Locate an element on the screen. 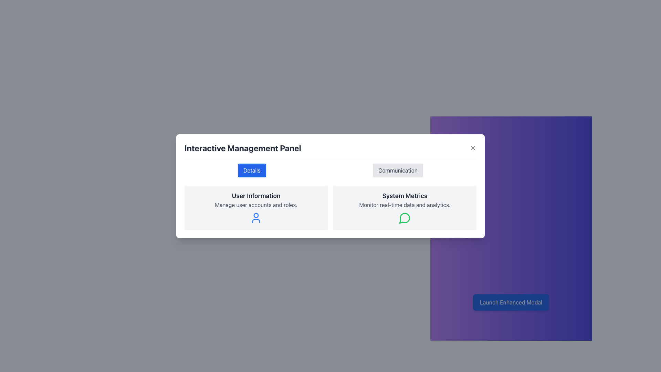 This screenshot has height=372, width=661. text of the Text Label that serves as the title or heading for the modal dialog, located at the top-left section of the header area is located at coordinates (243, 147).